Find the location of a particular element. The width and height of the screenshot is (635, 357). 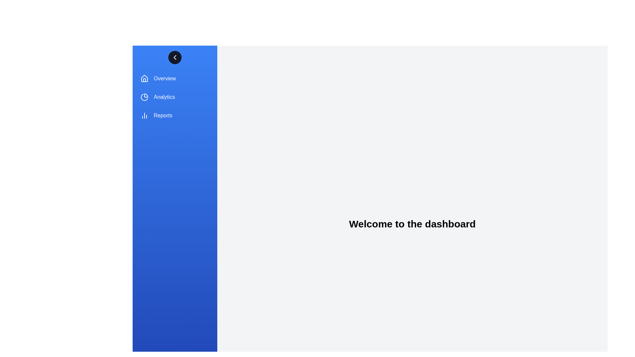

the menu item labeled Reports is located at coordinates (175, 115).